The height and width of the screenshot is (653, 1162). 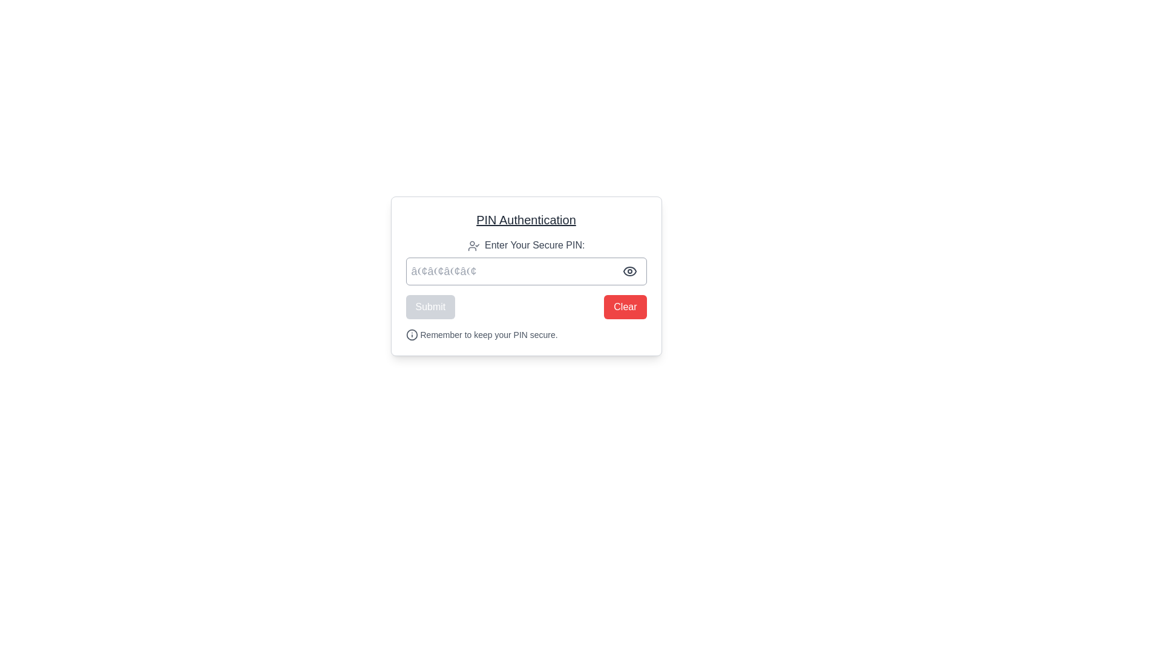 I want to click on the user avatar icon with a checkmark next to it, which is located to the left of the text label 'Enter Your Secure PIN:' in the 'PIN Authentication' box, so click(x=473, y=245).